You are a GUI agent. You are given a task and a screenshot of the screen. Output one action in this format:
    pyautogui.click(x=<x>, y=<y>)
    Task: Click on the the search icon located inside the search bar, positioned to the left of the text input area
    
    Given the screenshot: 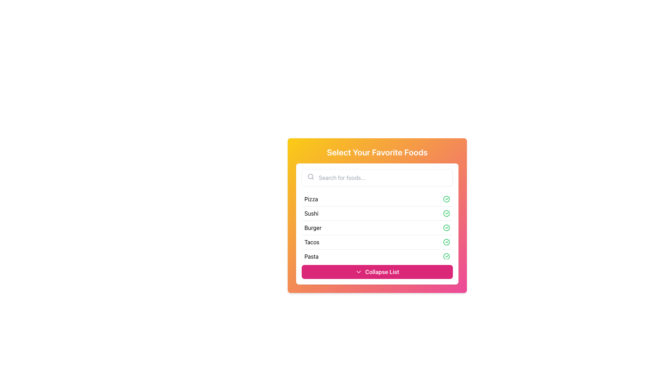 What is the action you would take?
    pyautogui.click(x=310, y=176)
    